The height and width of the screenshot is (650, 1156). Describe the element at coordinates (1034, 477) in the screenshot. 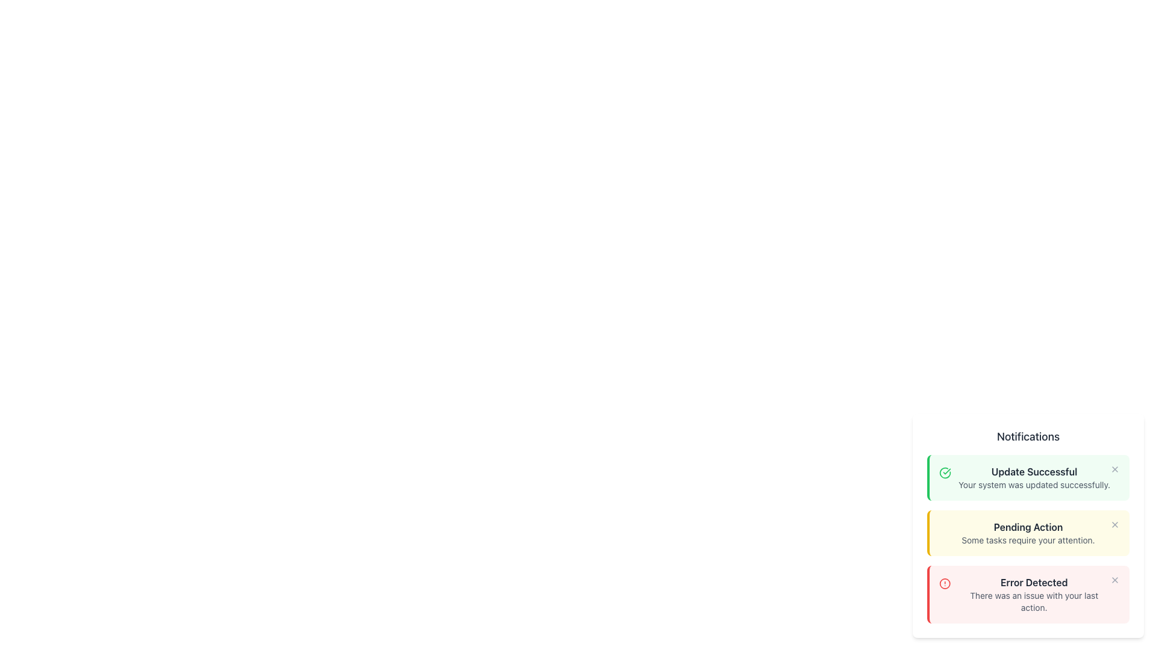

I see `the success notification text block located at the top of the vertically stacked list on the right-hand side of the interface, which indicates that the system has been updated successfully` at that location.